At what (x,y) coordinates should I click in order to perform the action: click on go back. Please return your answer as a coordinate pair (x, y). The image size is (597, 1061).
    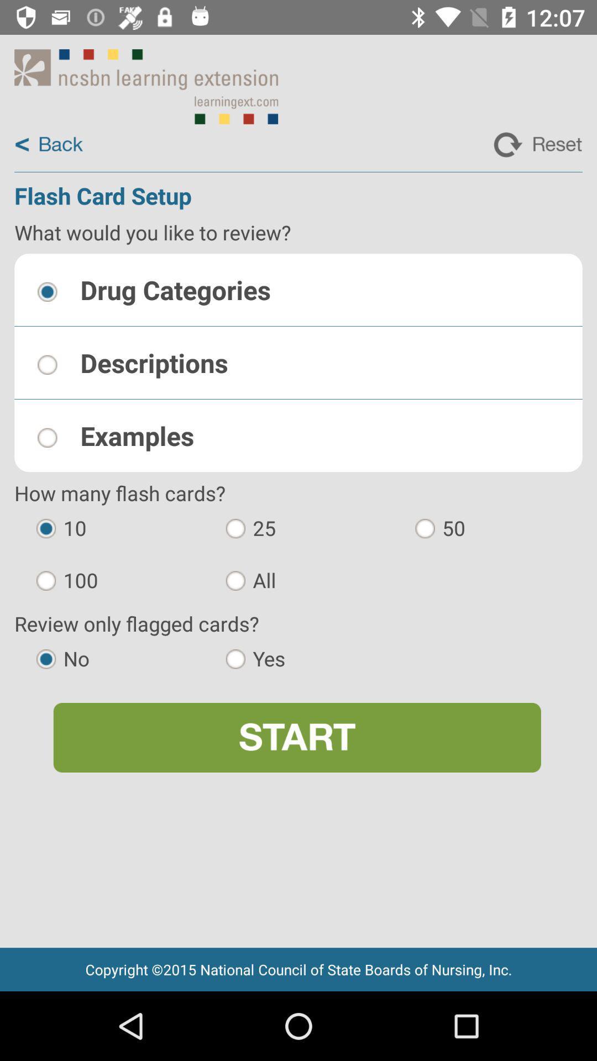
    Looking at the image, I should click on (48, 144).